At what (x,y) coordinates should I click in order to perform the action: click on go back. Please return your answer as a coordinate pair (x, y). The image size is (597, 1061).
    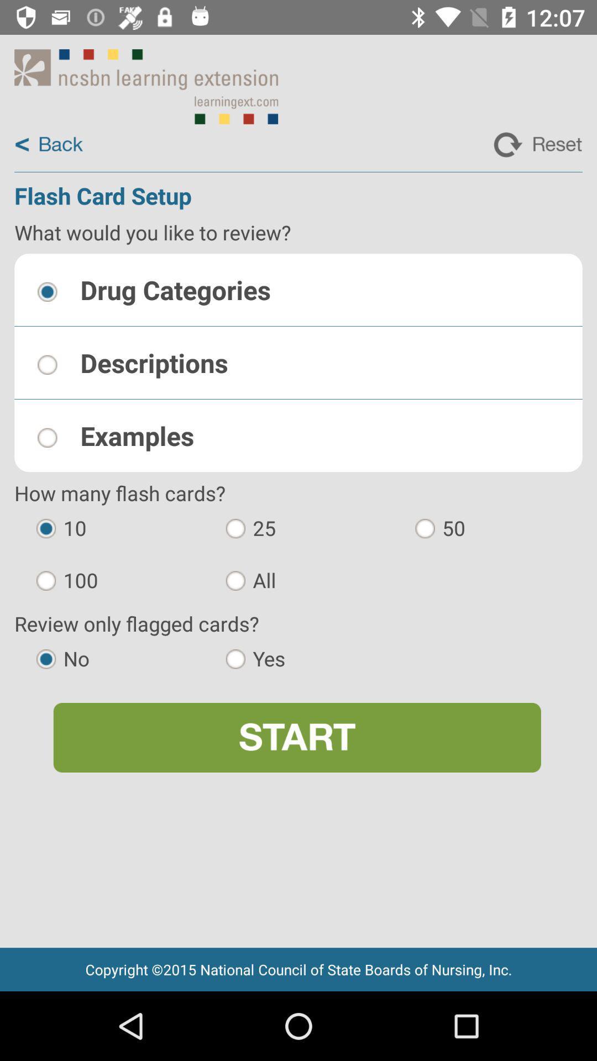
    Looking at the image, I should click on (48, 144).